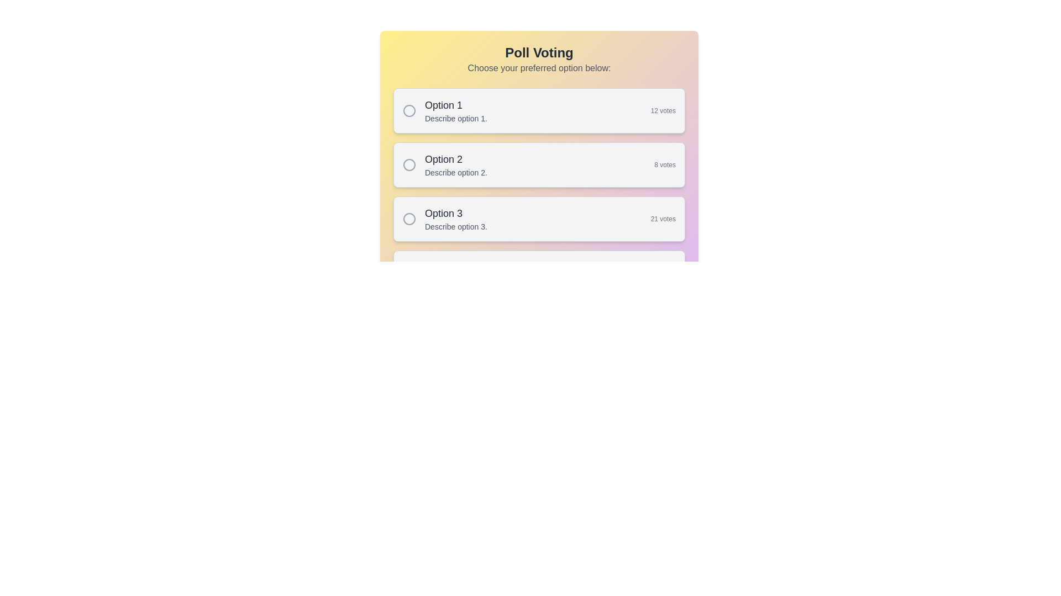  Describe the element at coordinates (539, 68) in the screenshot. I see `the static text label displaying 'Choose your preferred option below:' which is located below the 'Poll Voting' title` at that location.